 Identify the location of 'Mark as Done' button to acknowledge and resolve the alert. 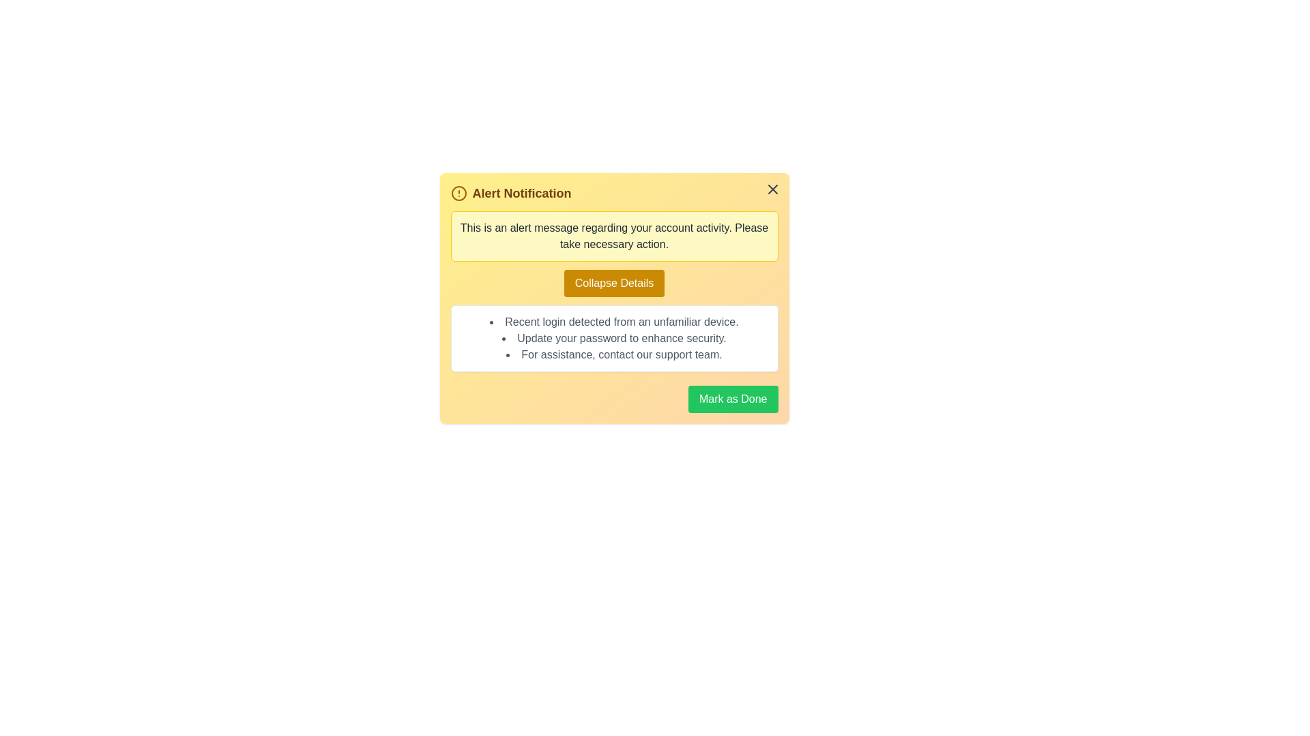
(732, 399).